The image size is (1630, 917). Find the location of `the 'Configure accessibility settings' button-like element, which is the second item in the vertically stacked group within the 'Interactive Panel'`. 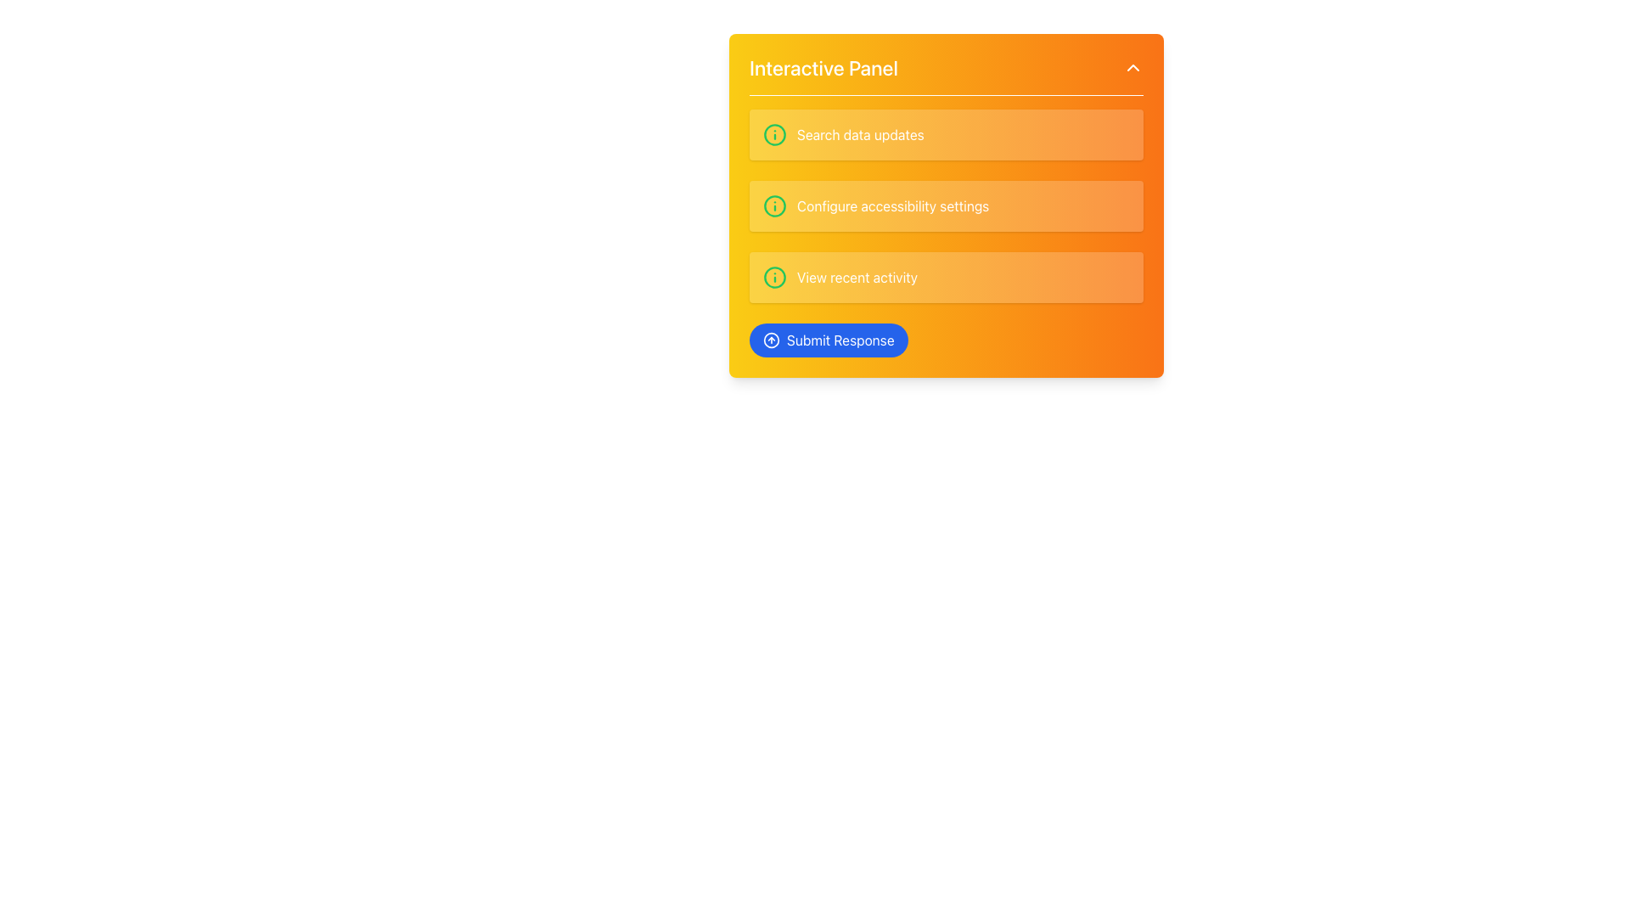

the 'Configure accessibility settings' button-like element, which is the second item in the vertically stacked group within the 'Interactive Panel' is located at coordinates (945, 205).